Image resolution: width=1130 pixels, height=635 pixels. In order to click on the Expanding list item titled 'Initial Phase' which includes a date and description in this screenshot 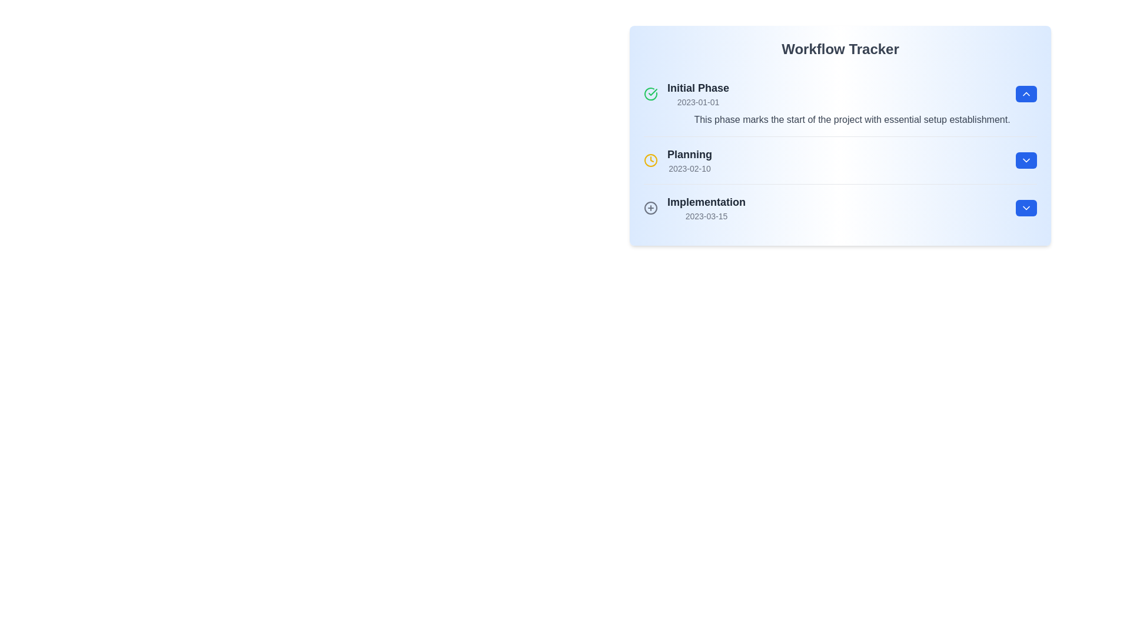, I will do `click(840, 103)`.